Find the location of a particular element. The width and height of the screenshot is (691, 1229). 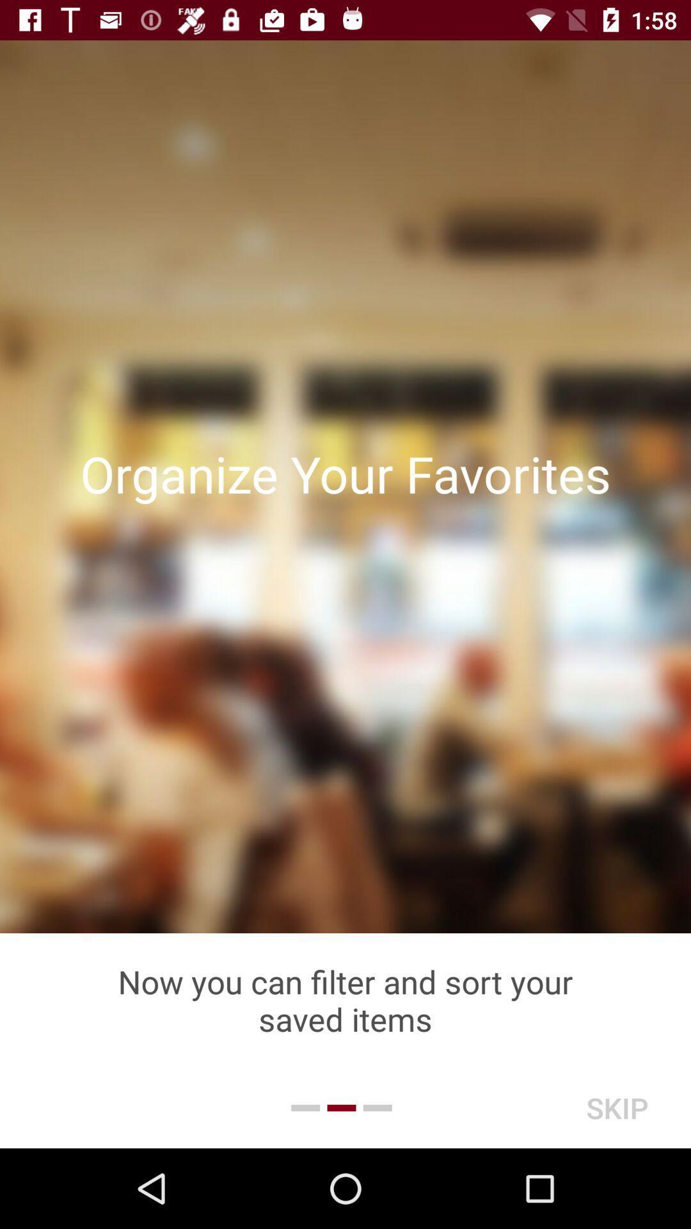

the icon at the bottom right corner is located at coordinates (616, 1107).